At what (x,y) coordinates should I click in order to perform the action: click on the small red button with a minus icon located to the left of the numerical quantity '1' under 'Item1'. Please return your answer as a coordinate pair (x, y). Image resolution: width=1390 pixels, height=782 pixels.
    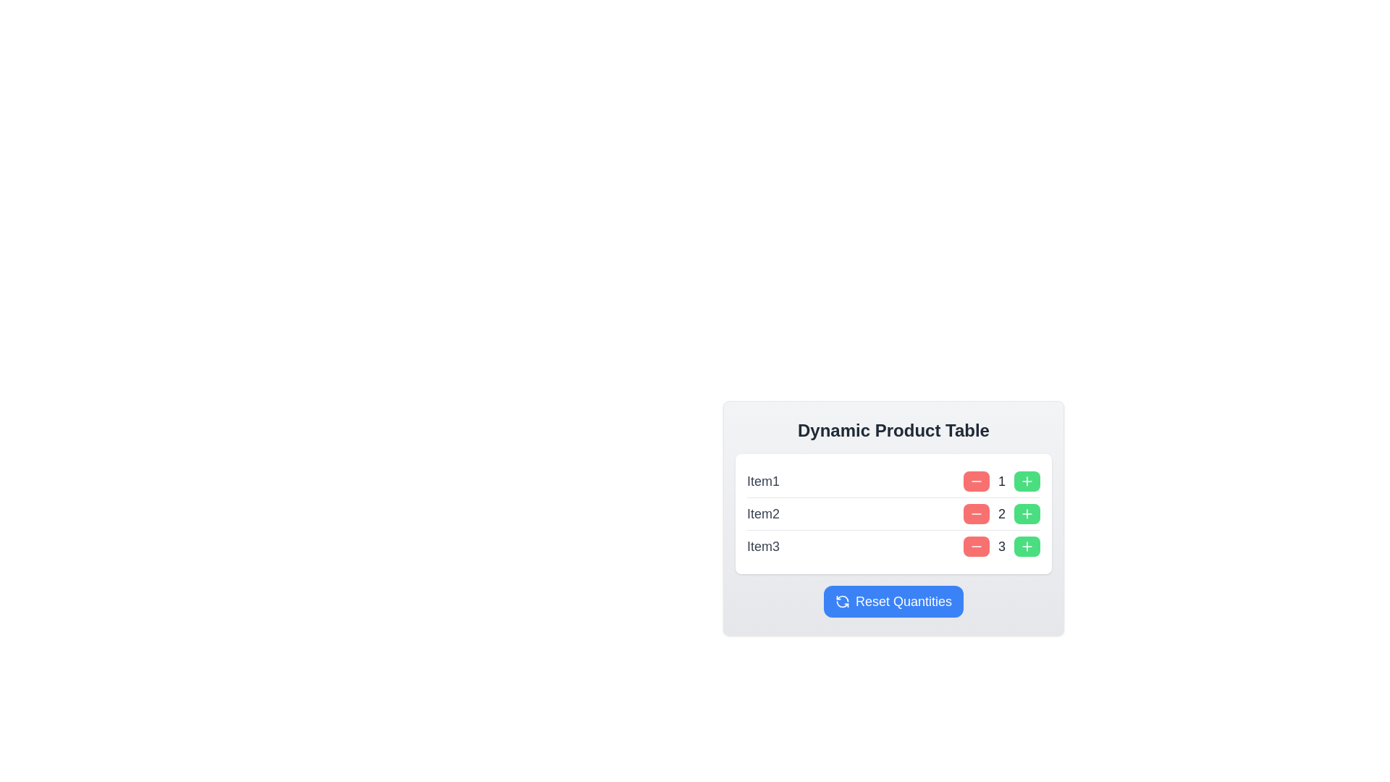
    Looking at the image, I should click on (976, 481).